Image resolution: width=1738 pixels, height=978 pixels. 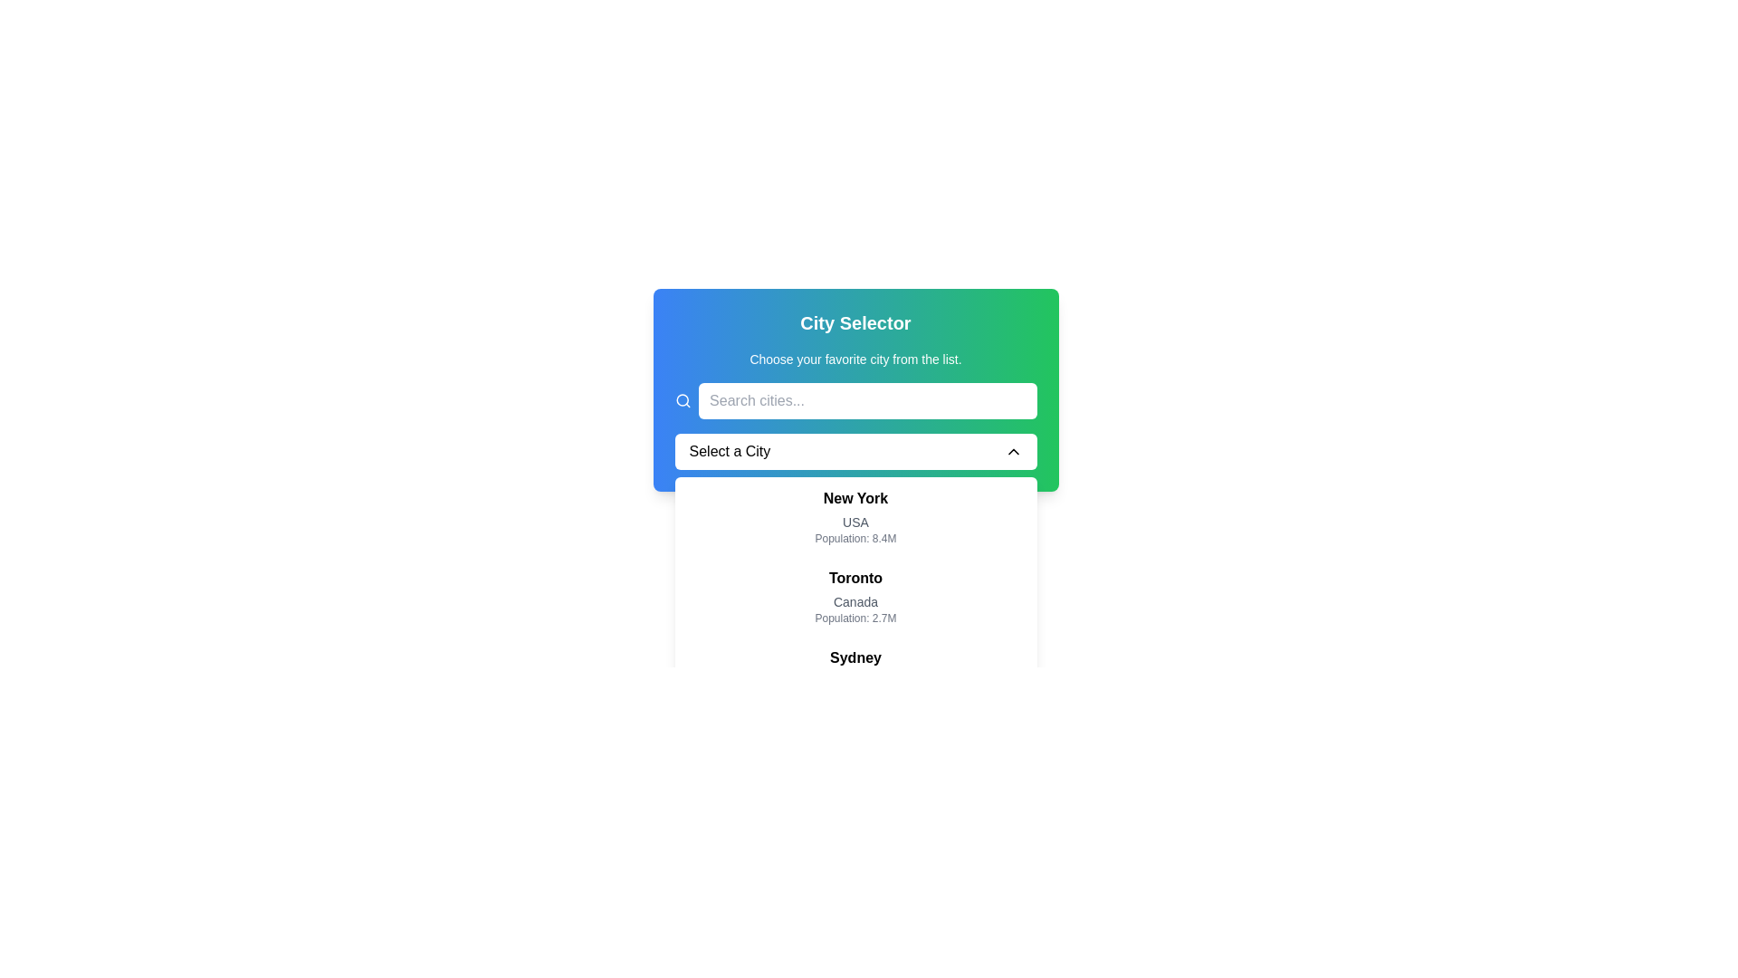 What do you see at coordinates (855, 499) in the screenshot?
I see `the bold text label reading 'New York' located at the top of the city information block, above the text 'USA' and 'Population: 8.4M'` at bounding box center [855, 499].